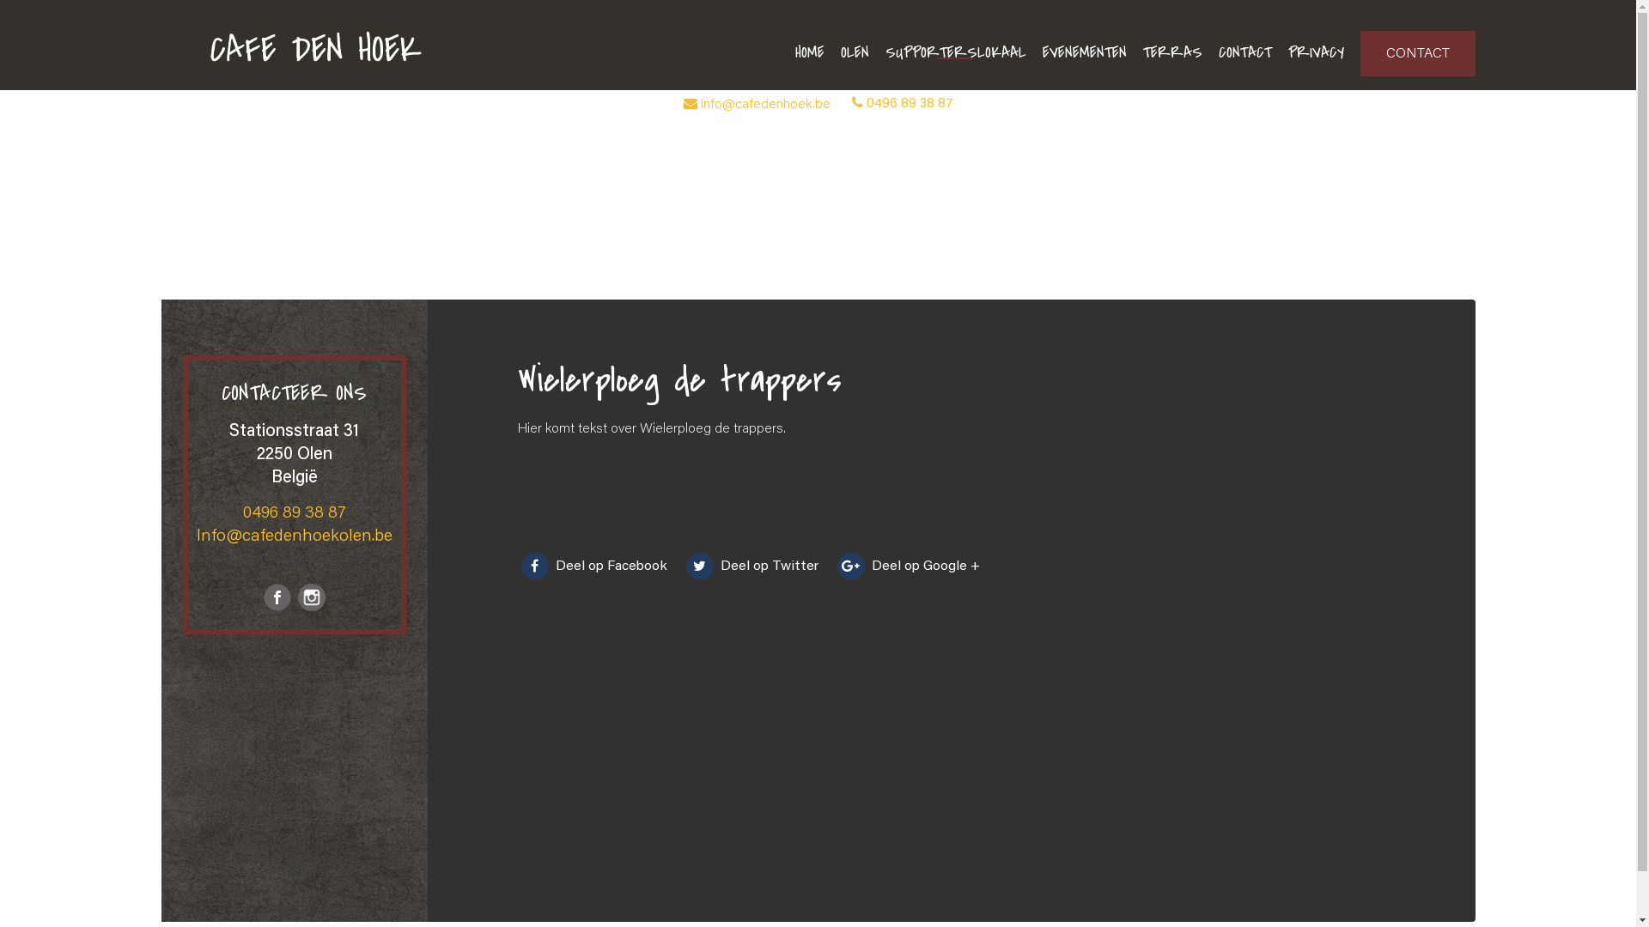  Describe the element at coordinates (1171, 51) in the screenshot. I see `'TERRAS'` at that location.